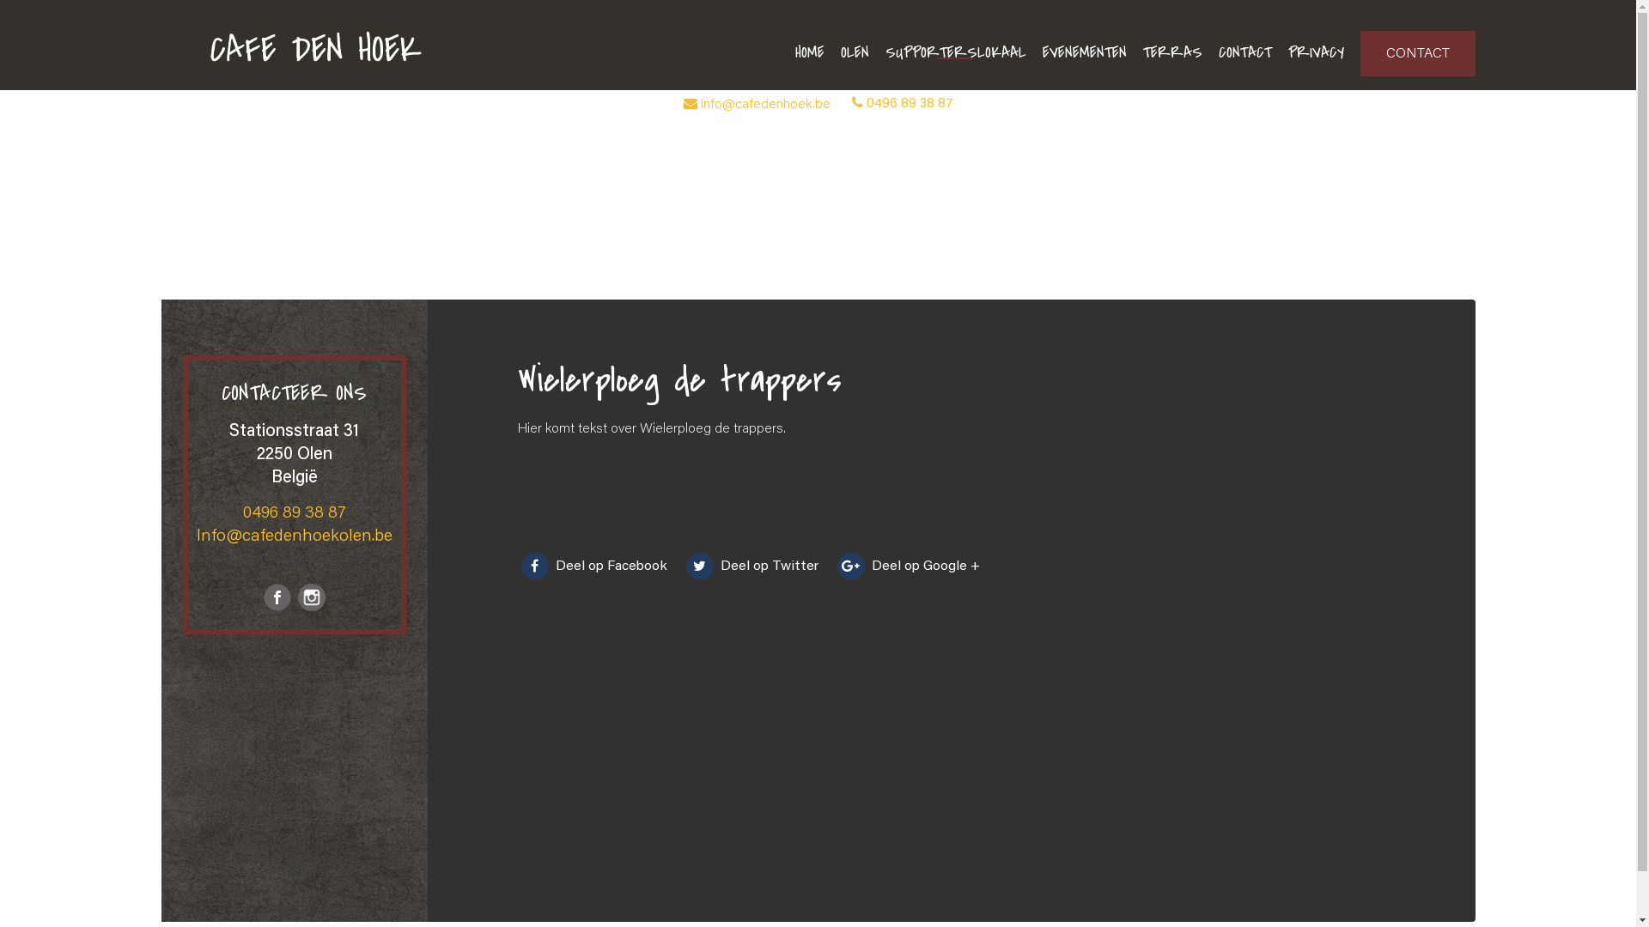  Describe the element at coordinates (1171, 51) in the screenshot. I see `'TERRAS'` at that location.